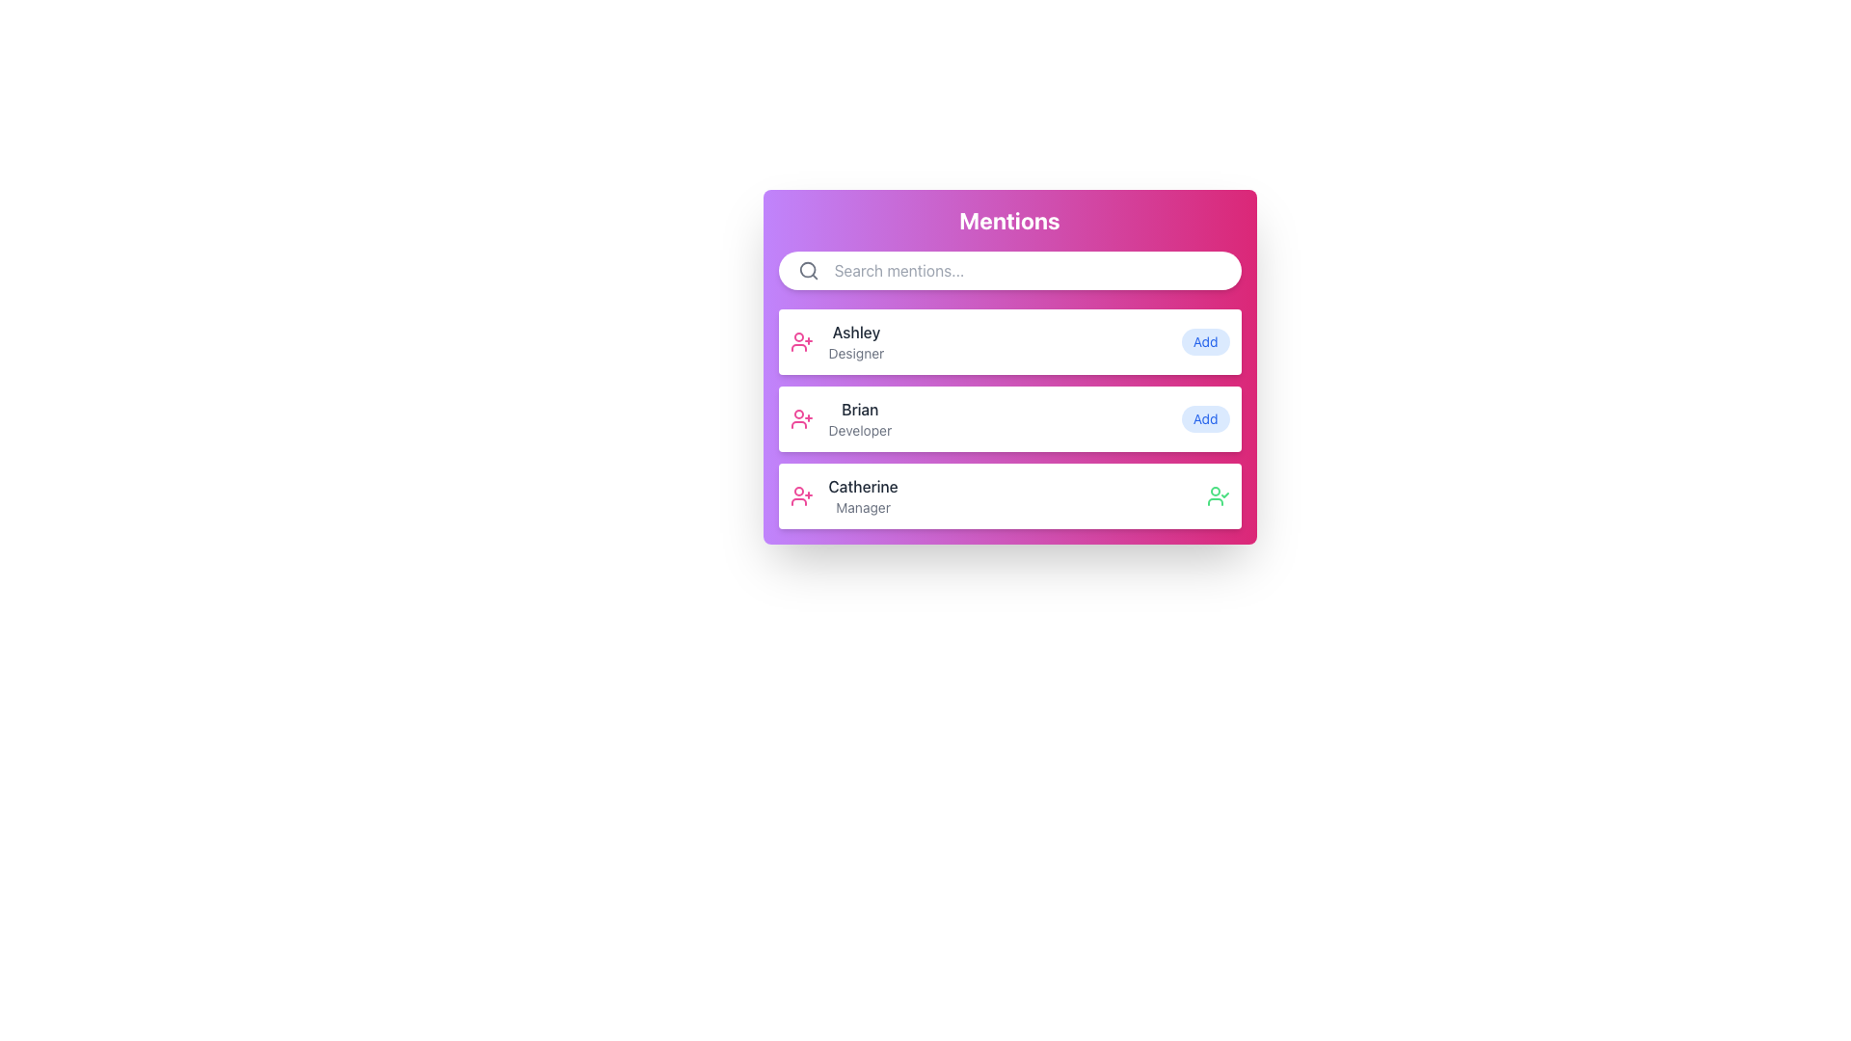 The height and width of the screenshot is (1041, 1851). I want to click on the first user profile summary element for 'Ashley' in the card interface, so click(1008, 340).